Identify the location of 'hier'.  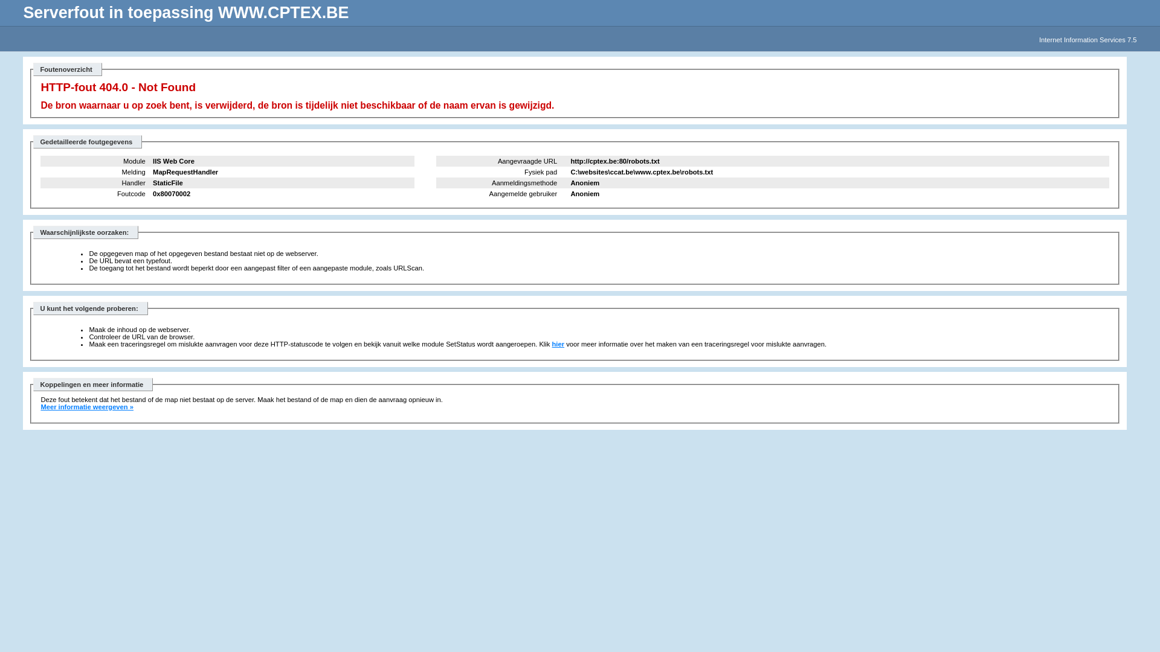
(558, 344).